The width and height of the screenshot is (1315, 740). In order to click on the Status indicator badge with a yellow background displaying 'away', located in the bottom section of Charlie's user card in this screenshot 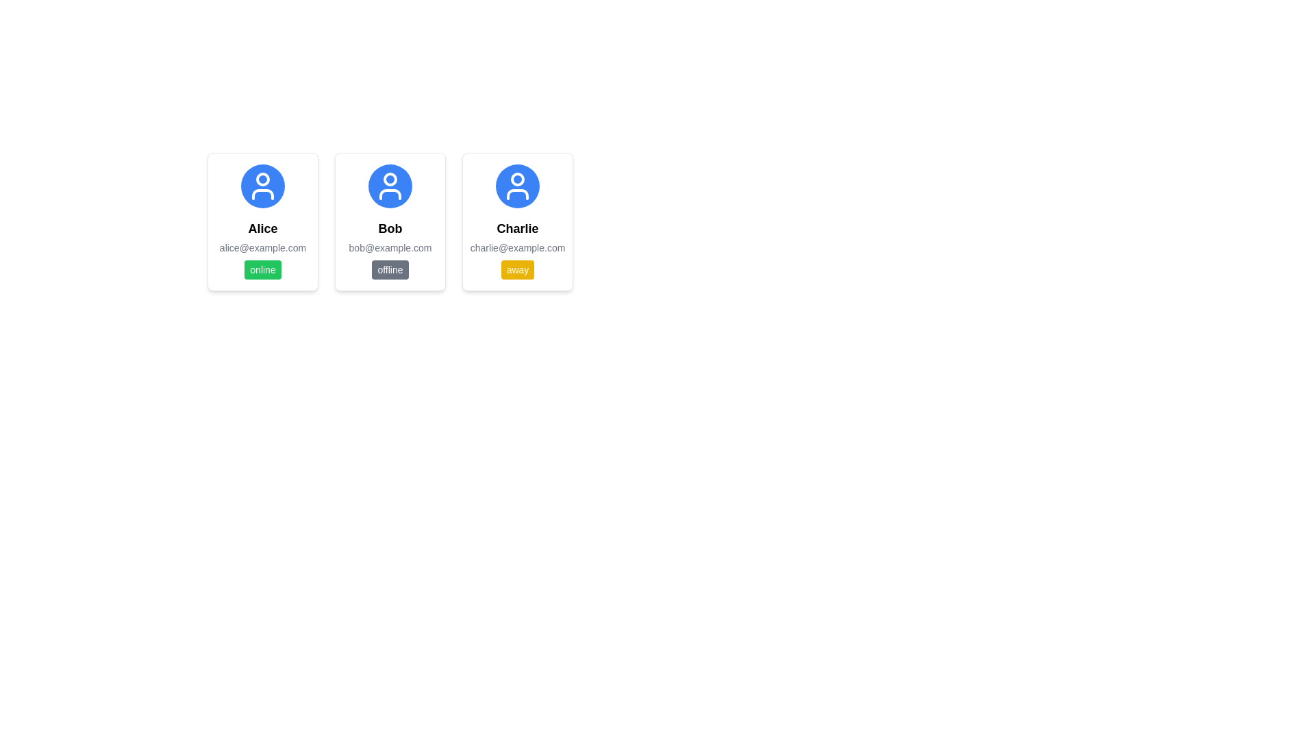, I will do `click(516, 269)`.